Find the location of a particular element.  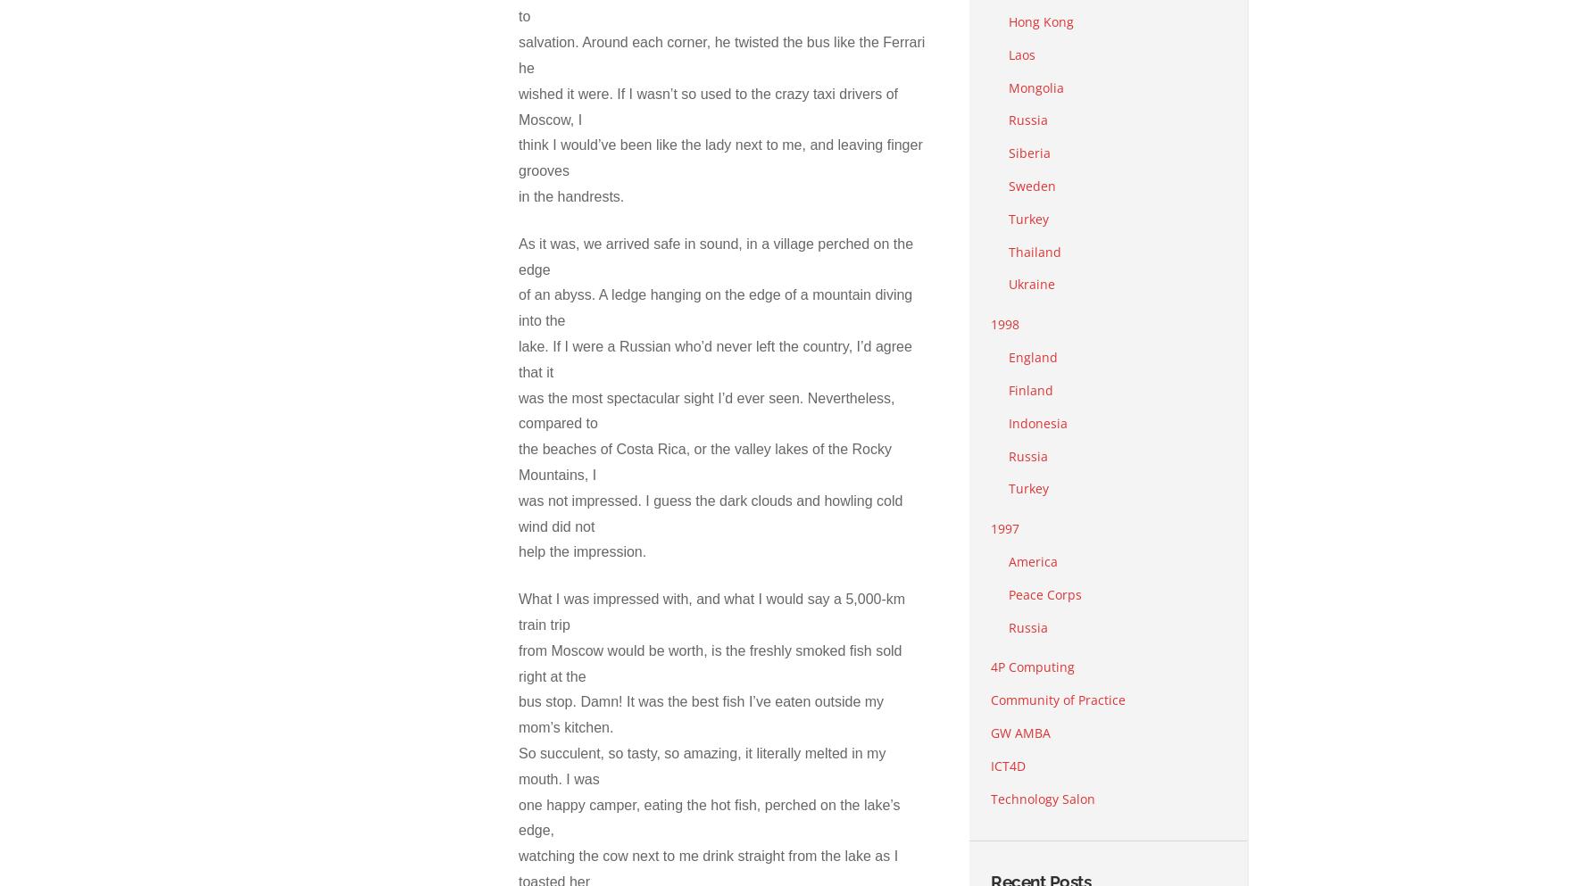

'England' is located at coordinates (1033, 356).